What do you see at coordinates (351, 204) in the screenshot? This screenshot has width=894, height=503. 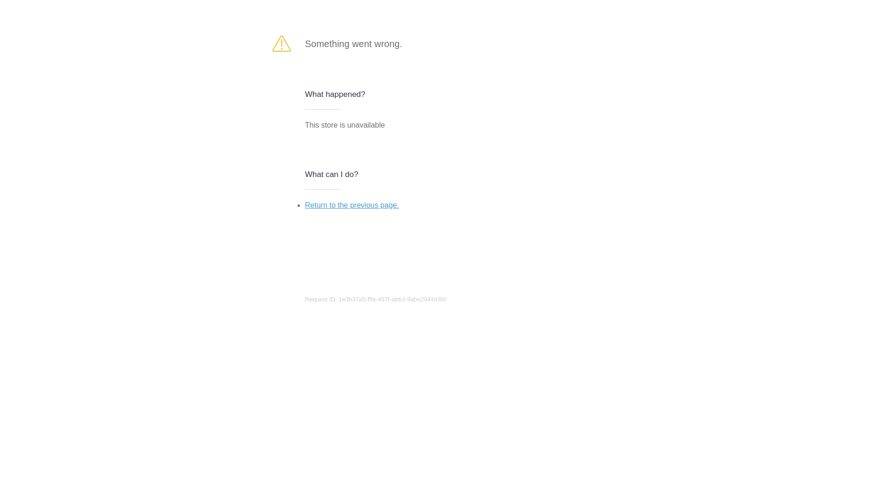 I see `'Return to the previous page.'` at bounding box center [351, 204].